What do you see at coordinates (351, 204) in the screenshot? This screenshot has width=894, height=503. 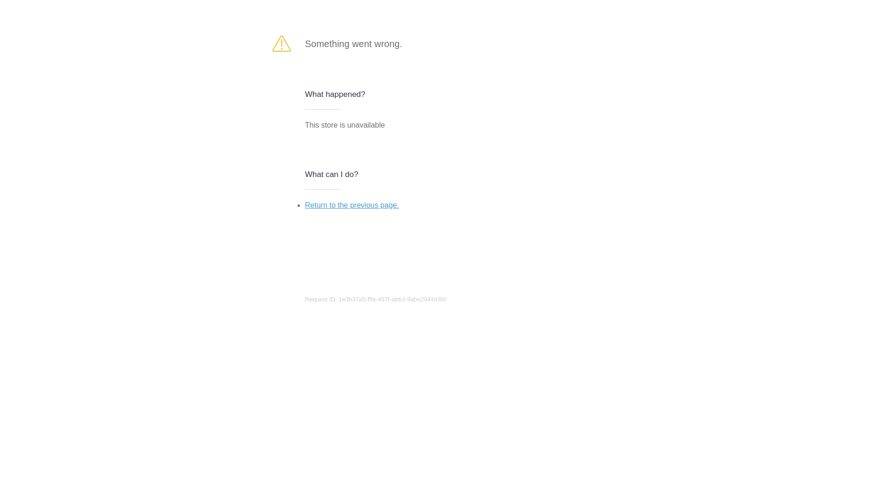 I see `'Return to the previous page.'` at bounding box center [351, 204].